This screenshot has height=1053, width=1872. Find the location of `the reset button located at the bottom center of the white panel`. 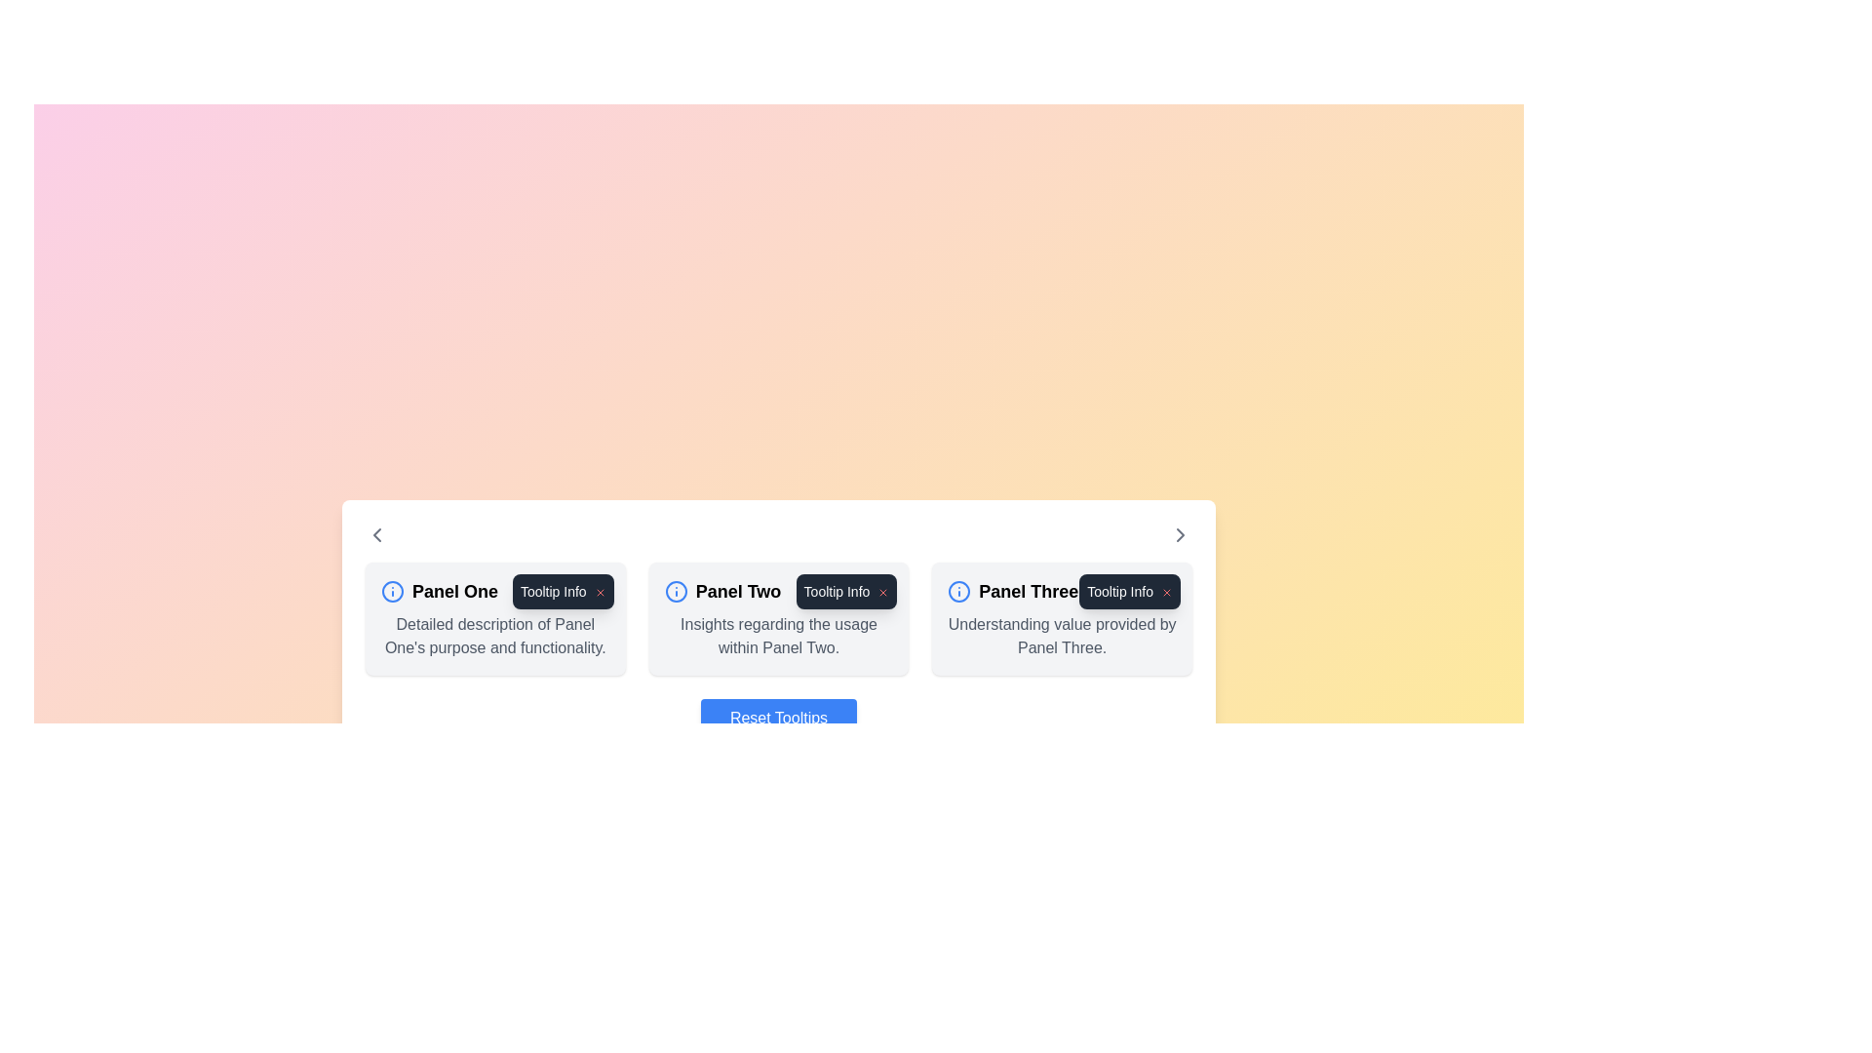

the reset button located at the bottom center of the white panel is located at coordinates (777, 718).